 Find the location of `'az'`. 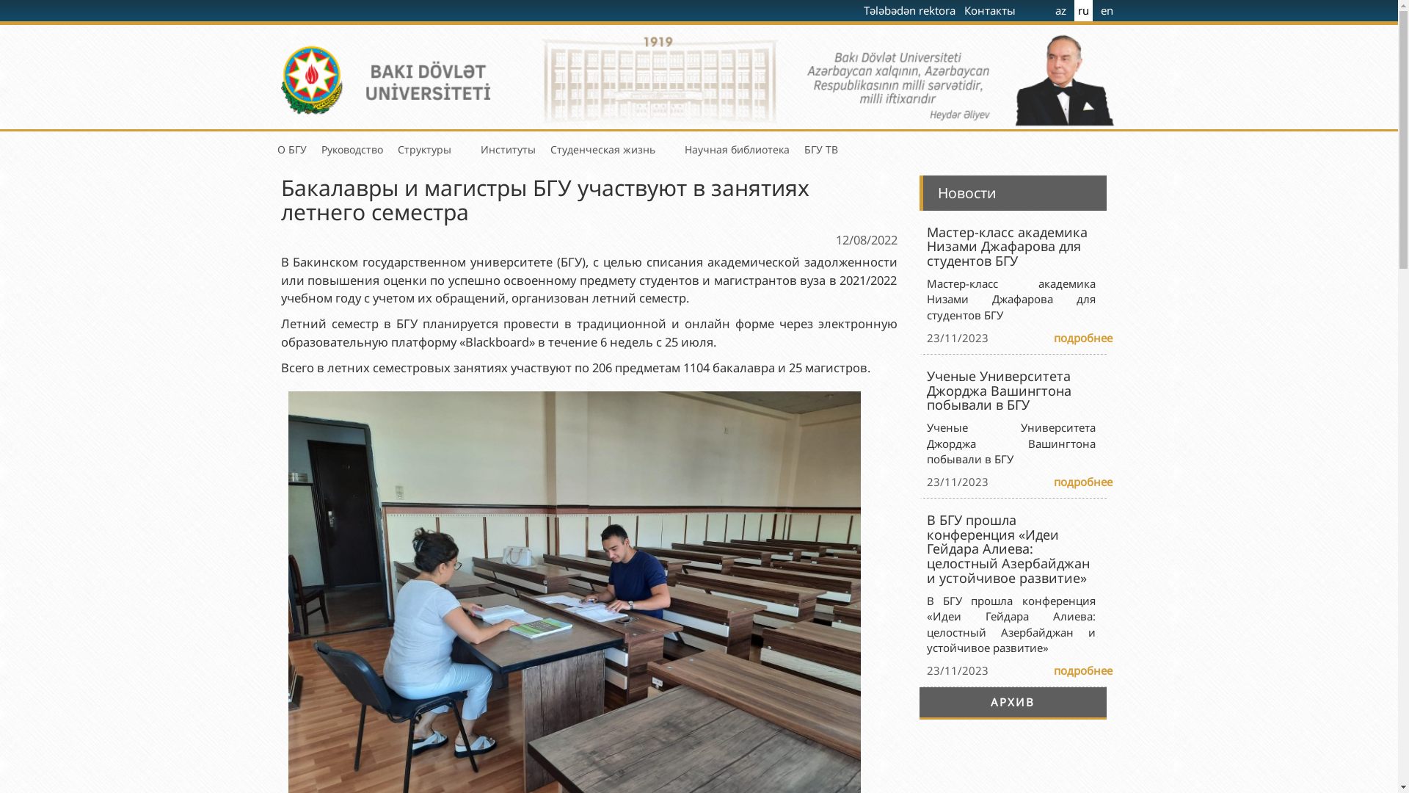

'az' is located at coordinates (1060, 10).